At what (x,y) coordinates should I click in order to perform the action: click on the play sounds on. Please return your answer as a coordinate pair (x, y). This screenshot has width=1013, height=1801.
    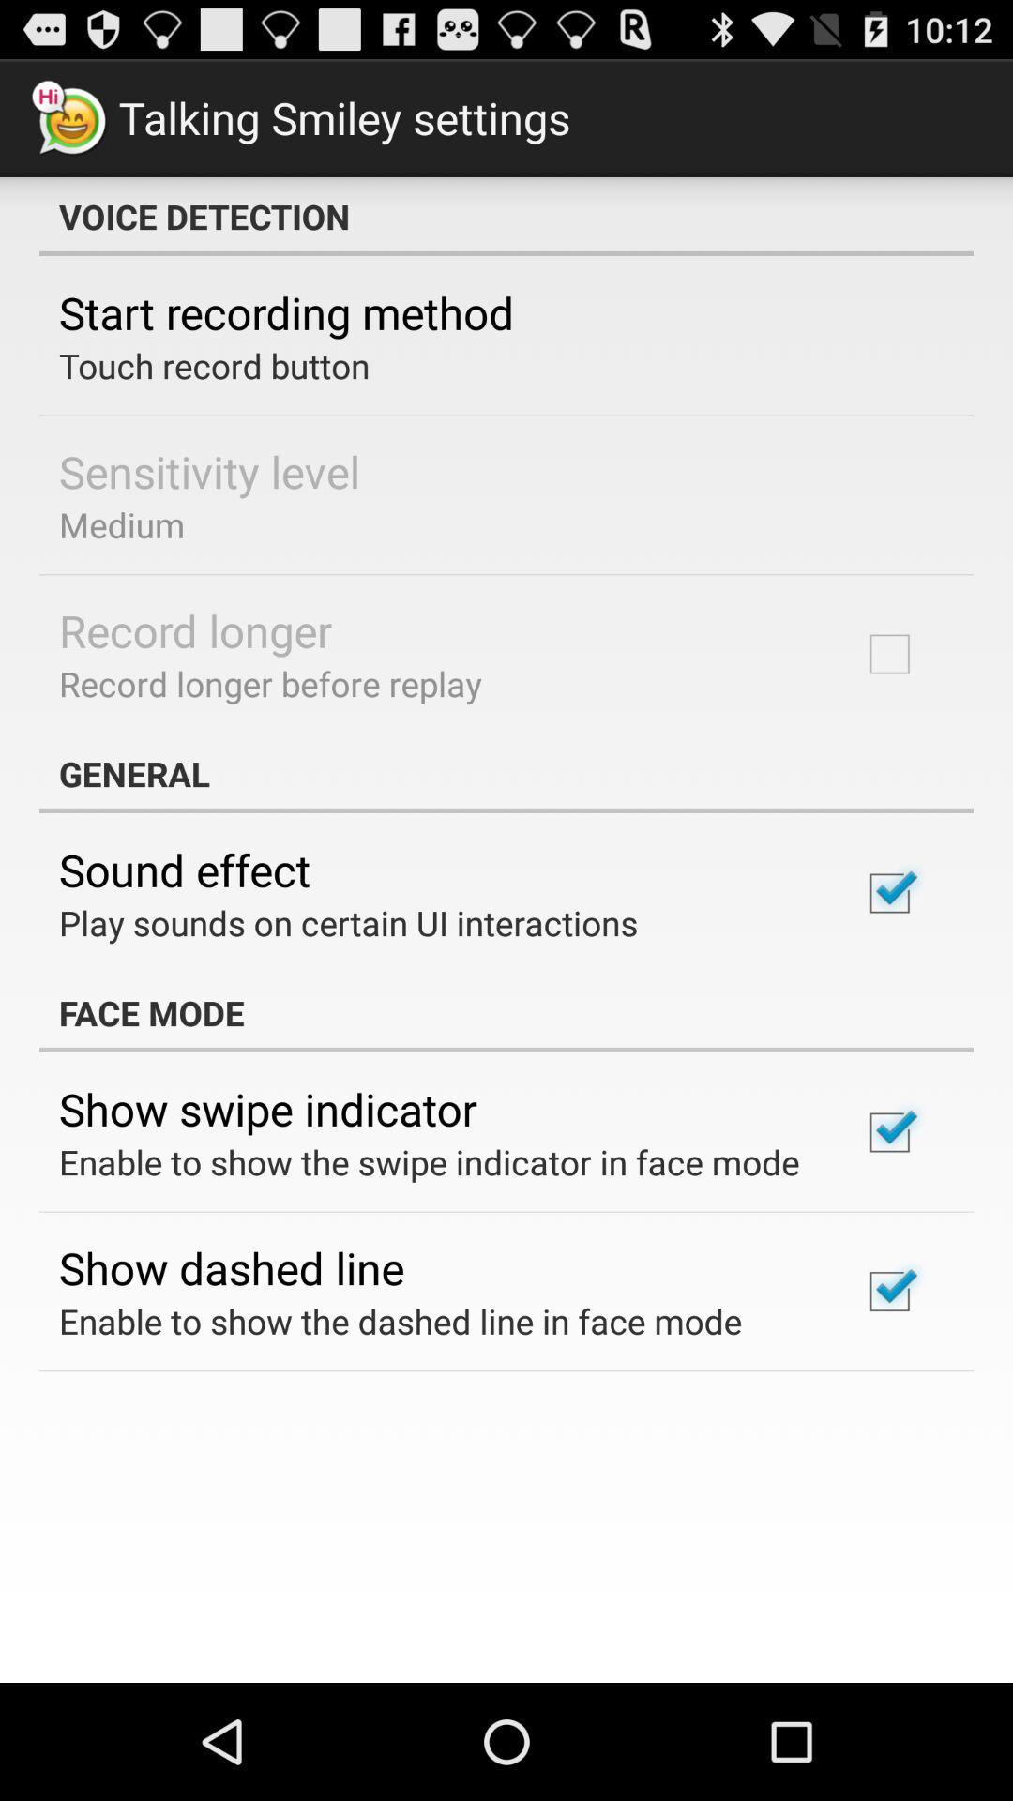
    Looking at the image, I should click on (348, 922).